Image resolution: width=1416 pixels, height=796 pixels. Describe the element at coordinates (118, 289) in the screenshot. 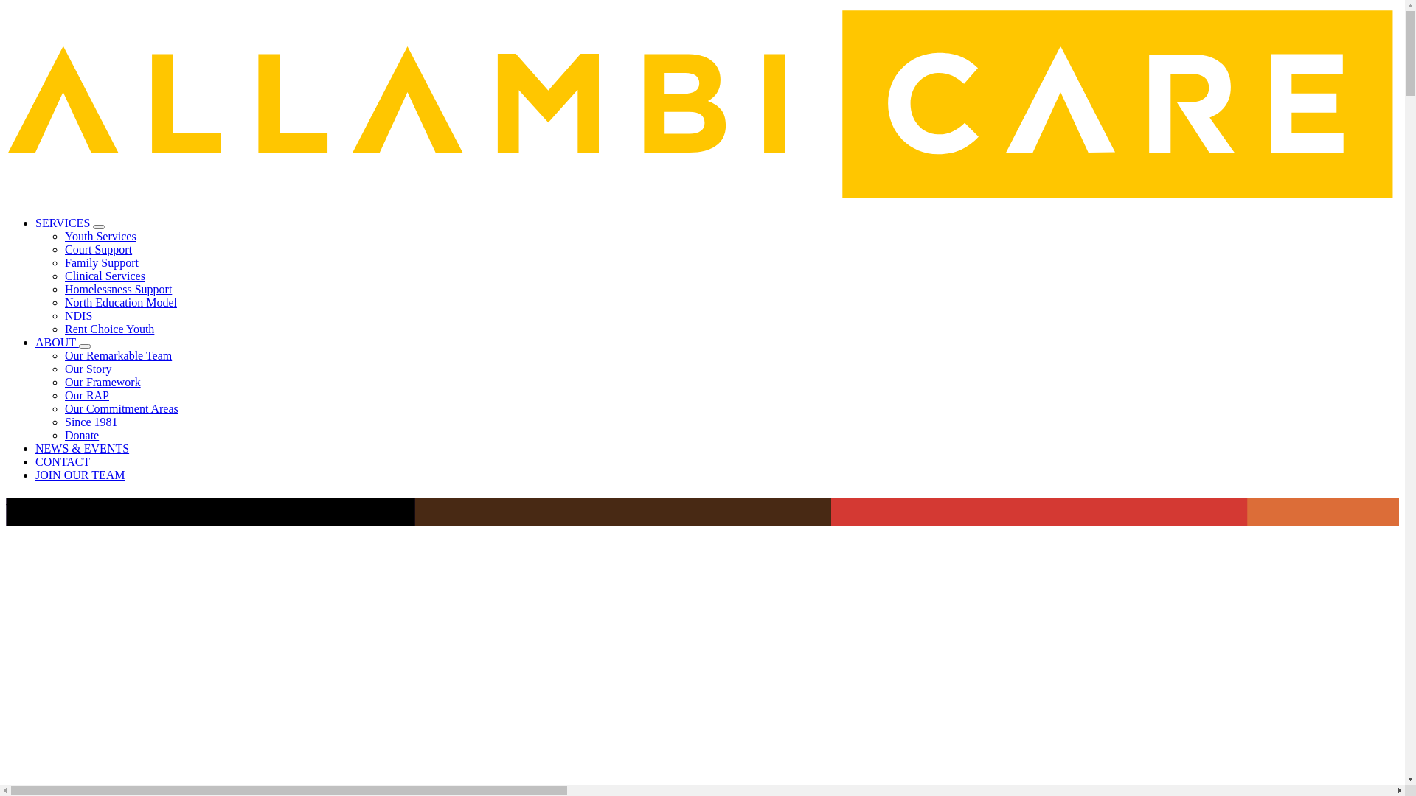

I see `'Homelessness Support'` at that location.